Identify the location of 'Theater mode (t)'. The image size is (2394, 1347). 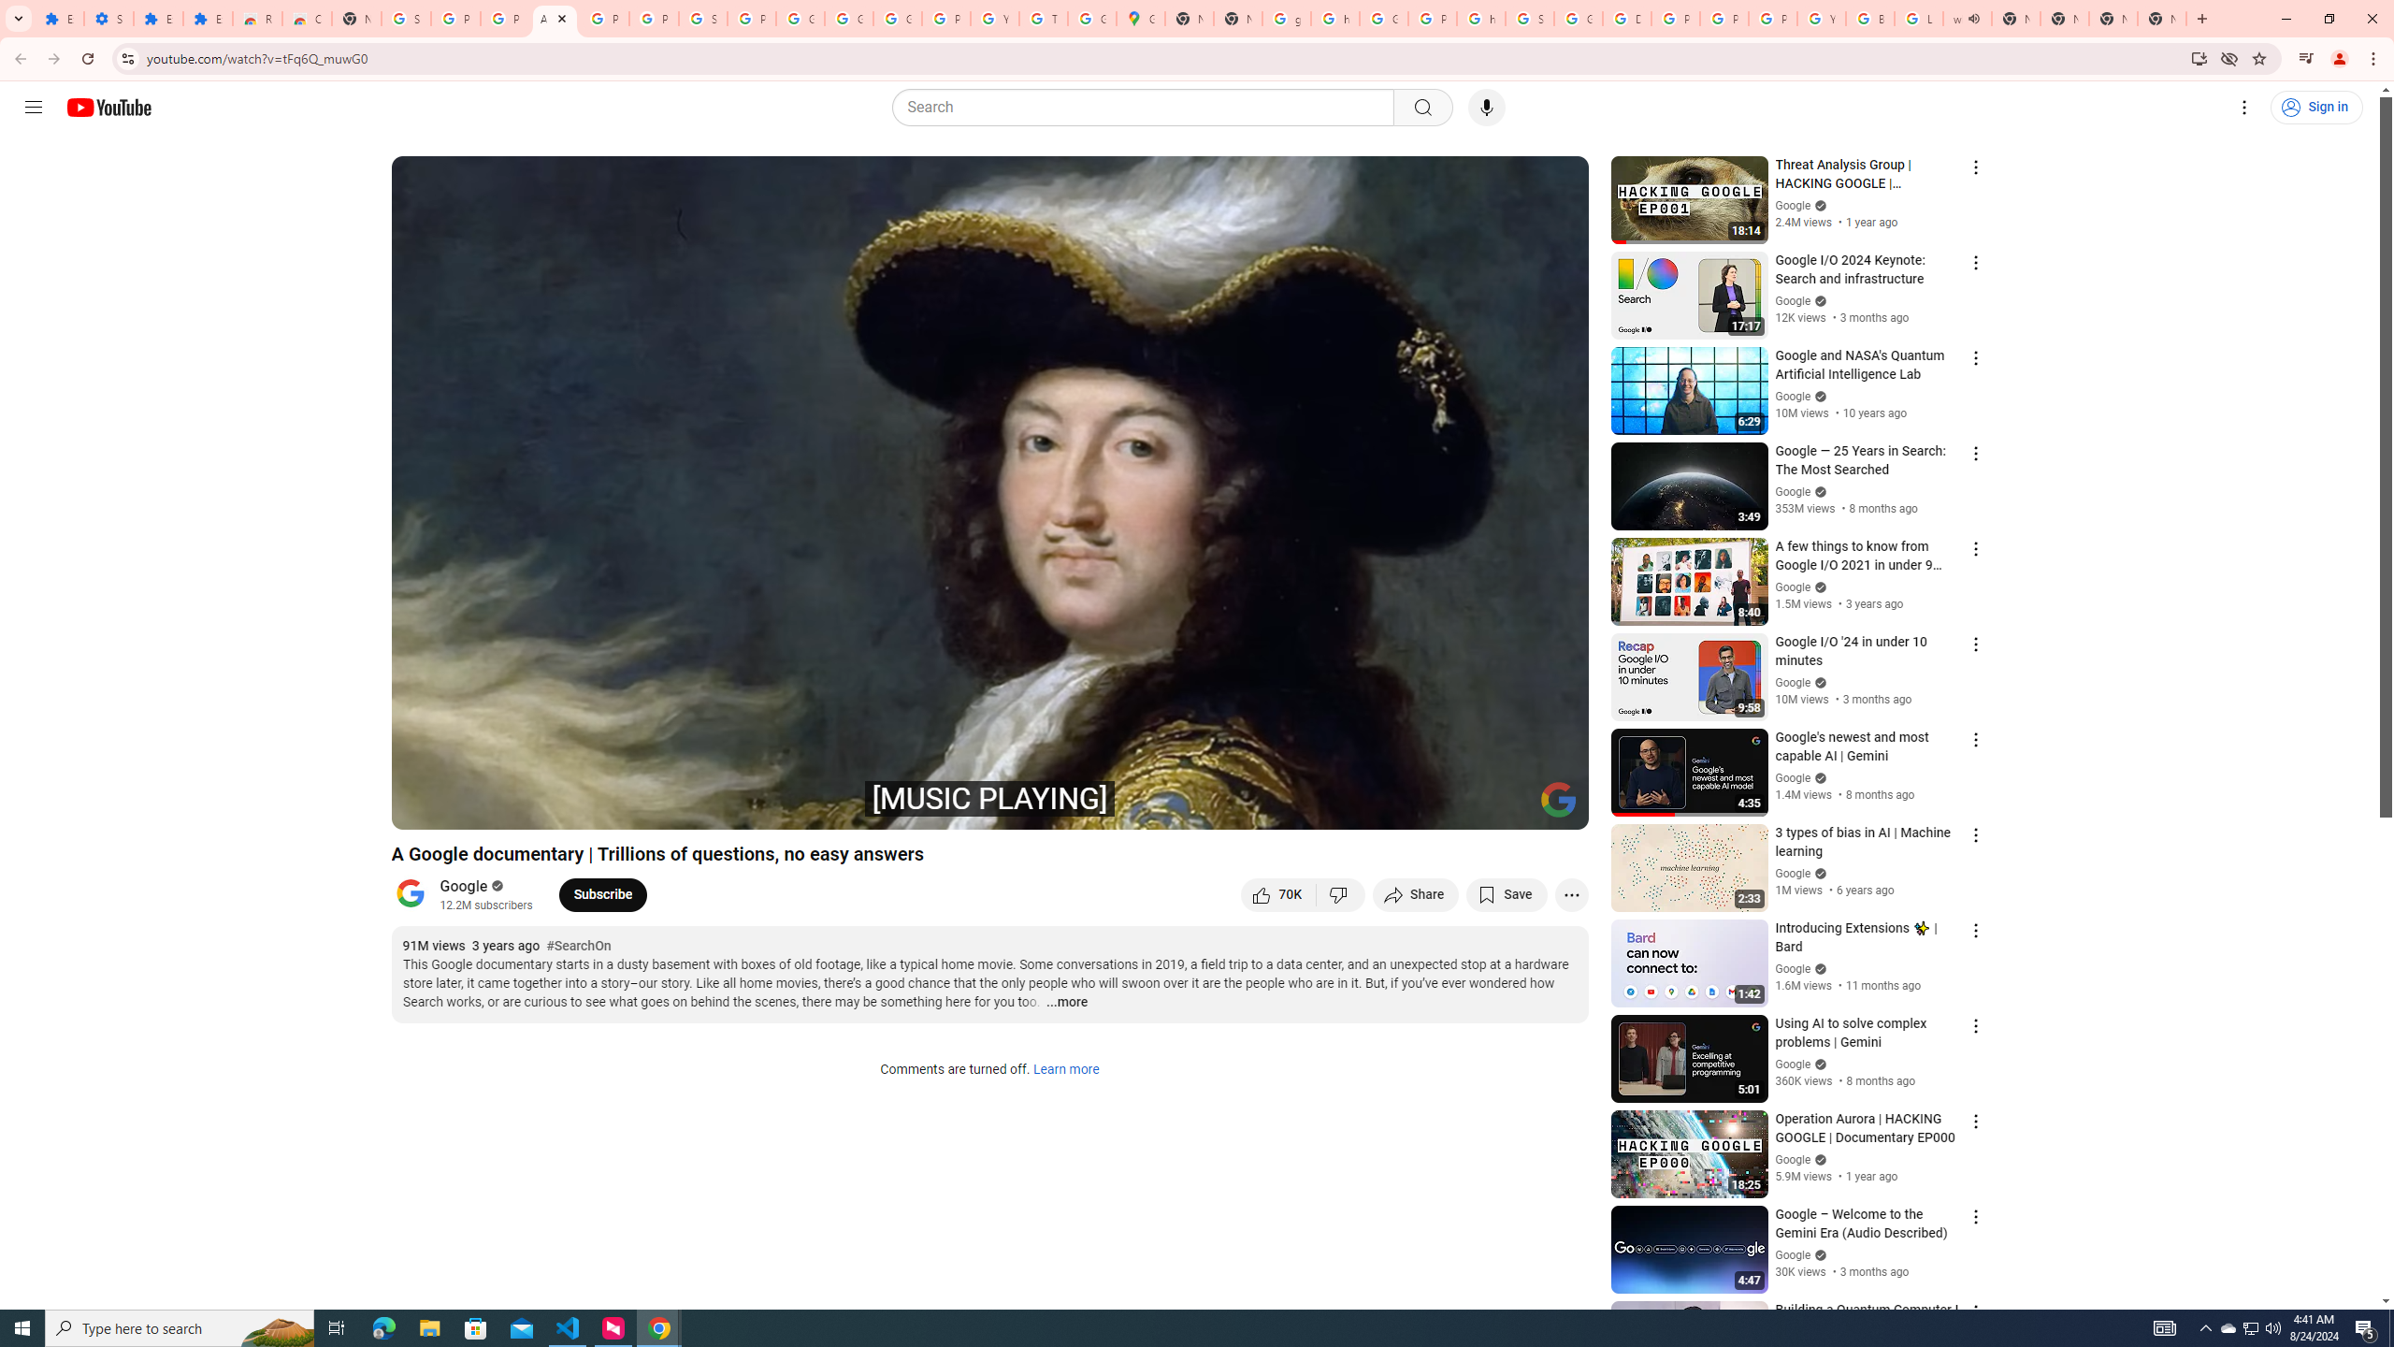
(1509, 806).